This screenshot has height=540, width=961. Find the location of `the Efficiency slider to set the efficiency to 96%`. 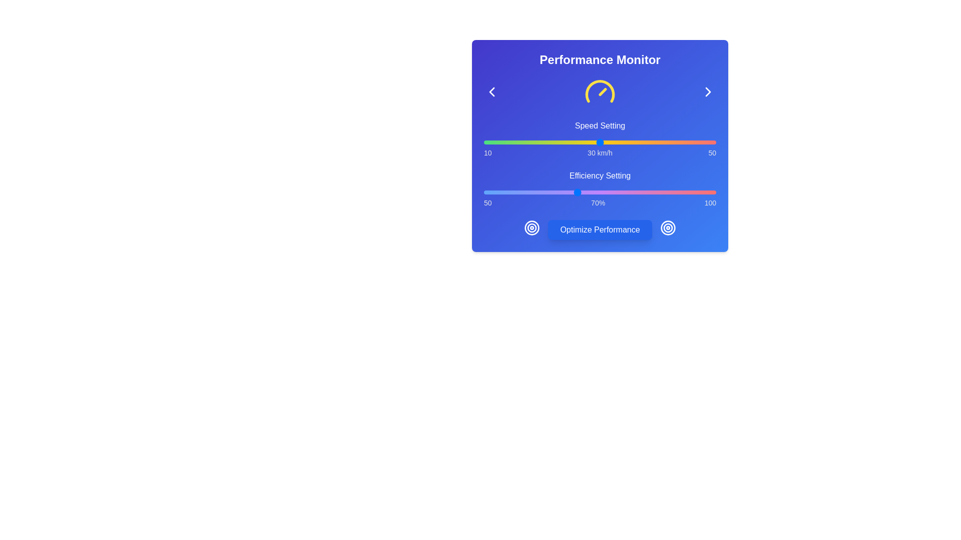

the Efficiency slider to set the efficiency to 96% is located at coordinates (697, 192).